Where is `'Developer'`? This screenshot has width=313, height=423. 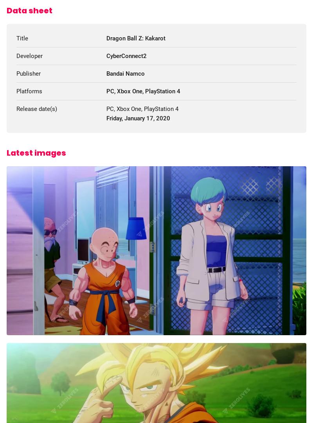
'Developer' is located at coordinates (16, 55).